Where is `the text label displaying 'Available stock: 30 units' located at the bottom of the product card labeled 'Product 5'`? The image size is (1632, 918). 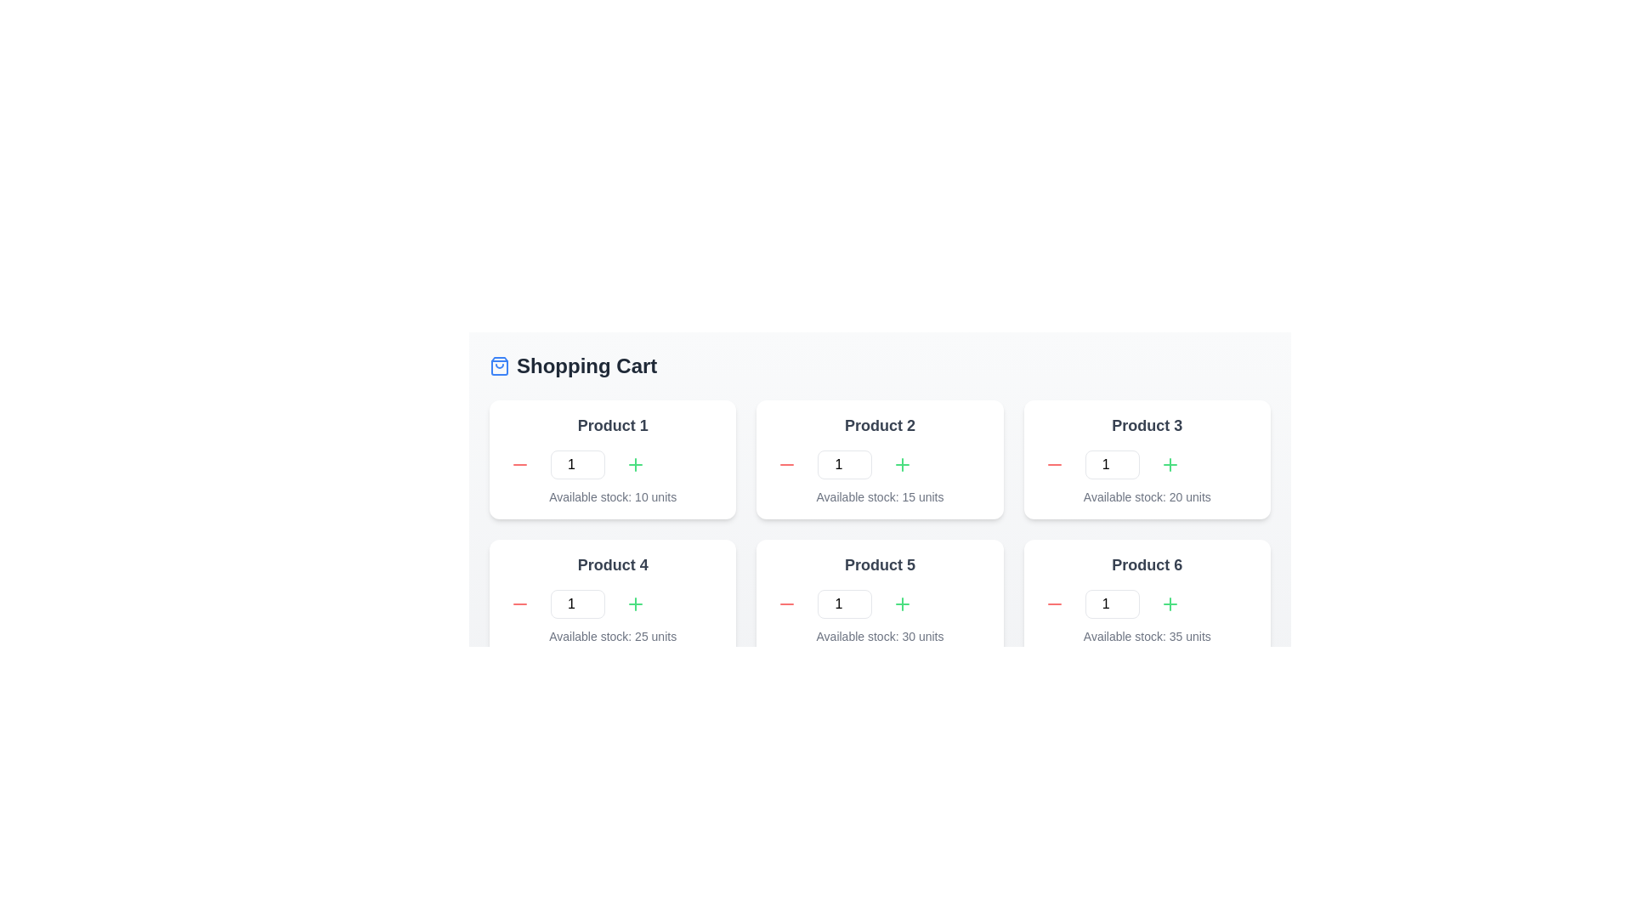
the text label displaying 'Available stock: 30 units' located at the bottom of the product card labeled 'Product 5' is located at coordinates (880, 636).